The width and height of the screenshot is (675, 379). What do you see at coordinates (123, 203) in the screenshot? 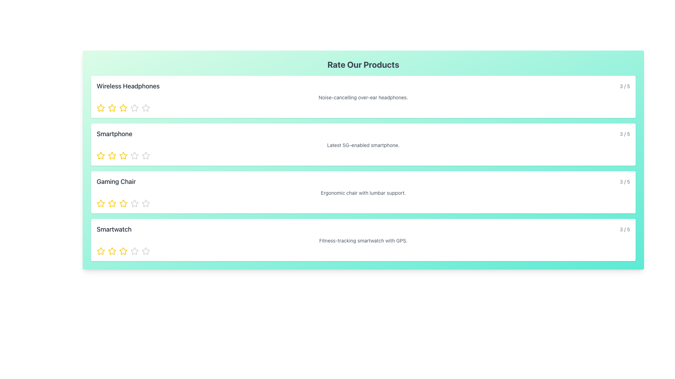
I see `the third star icon with a yellow outline in the rating system for the 'Gaming Chair' section` at bounding box center [123, 203].